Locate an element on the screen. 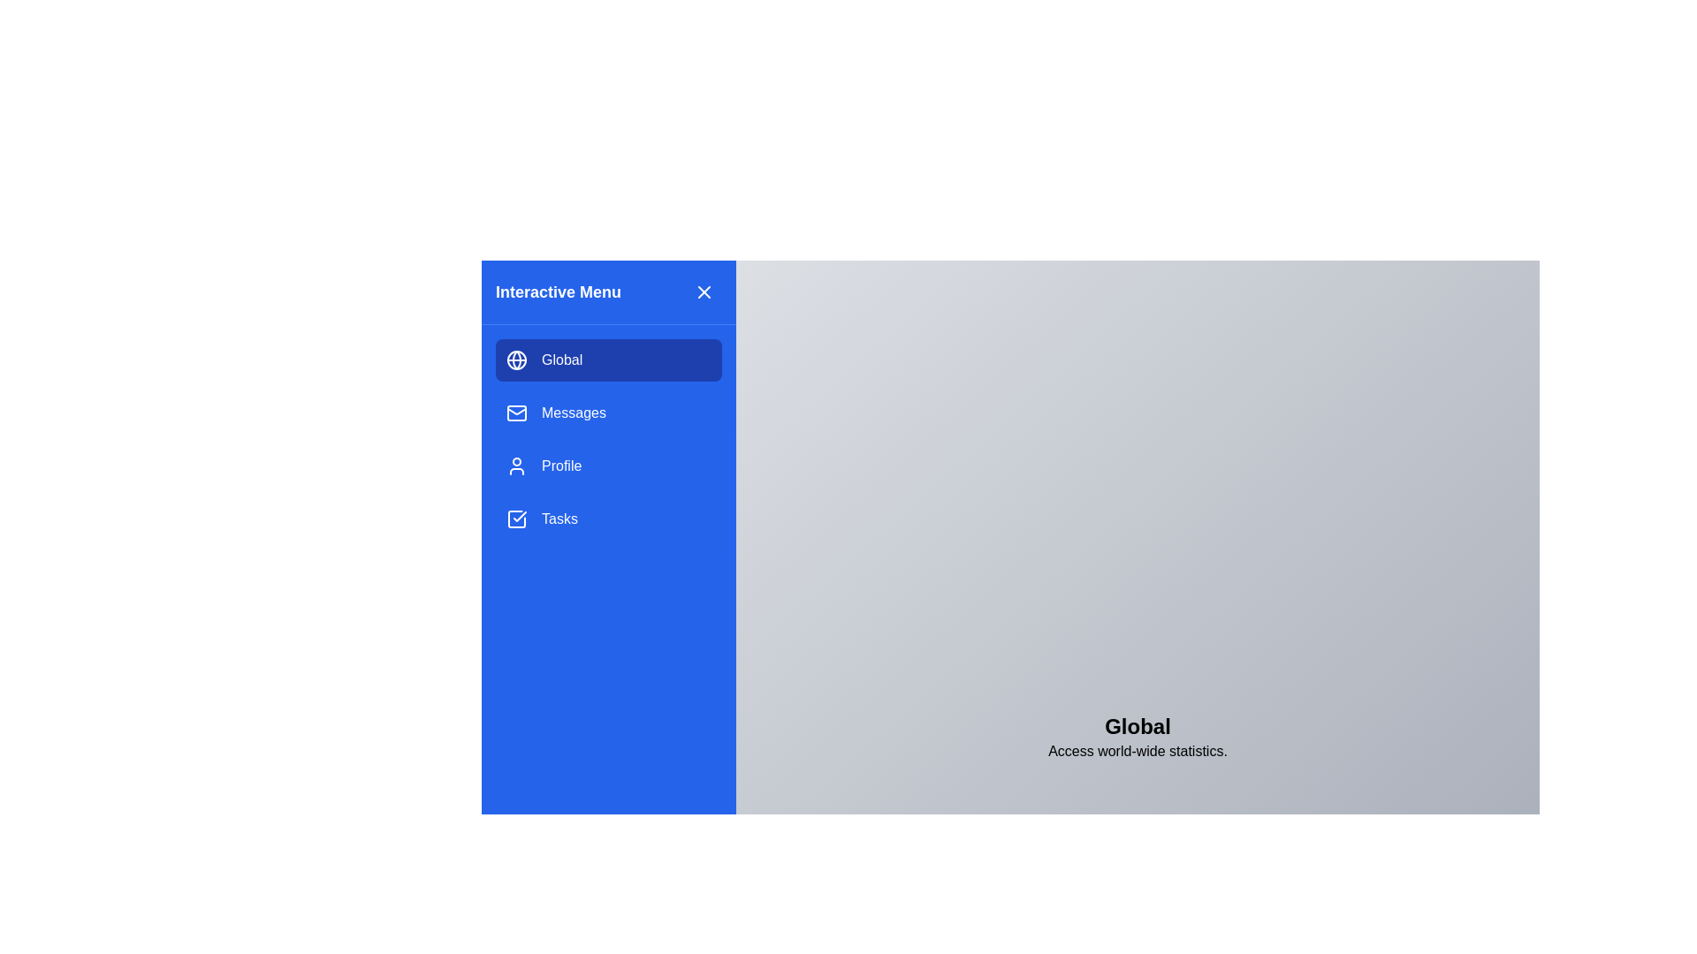 This screenshot has height=954, width=1697. the 'Global' button with a blue background and rounded corners located at the top of the navigation menu is located at coordinates (609, 360).